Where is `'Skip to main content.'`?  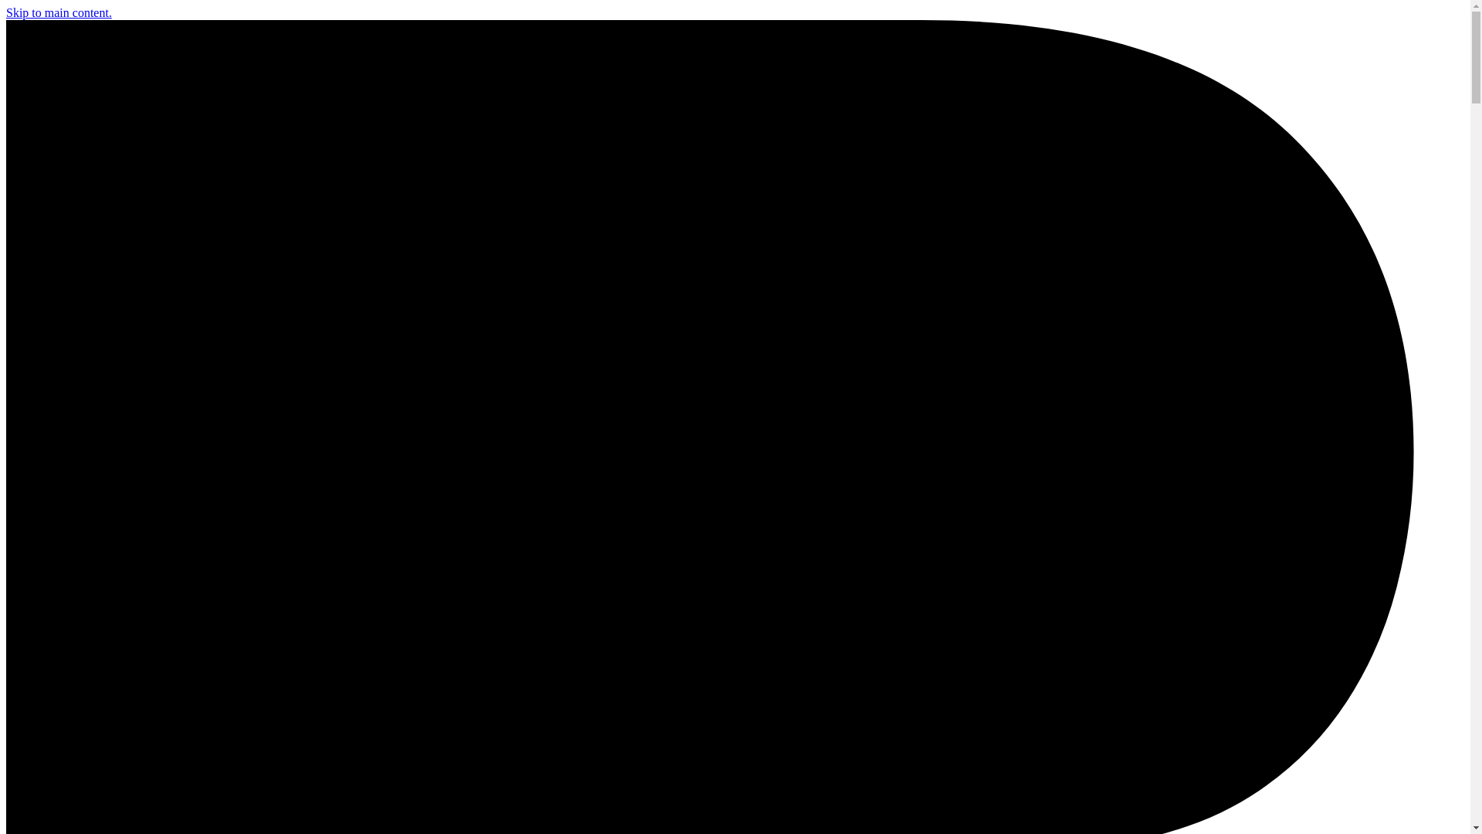
'Skip to main content.' is located at coordinates (59, 12).